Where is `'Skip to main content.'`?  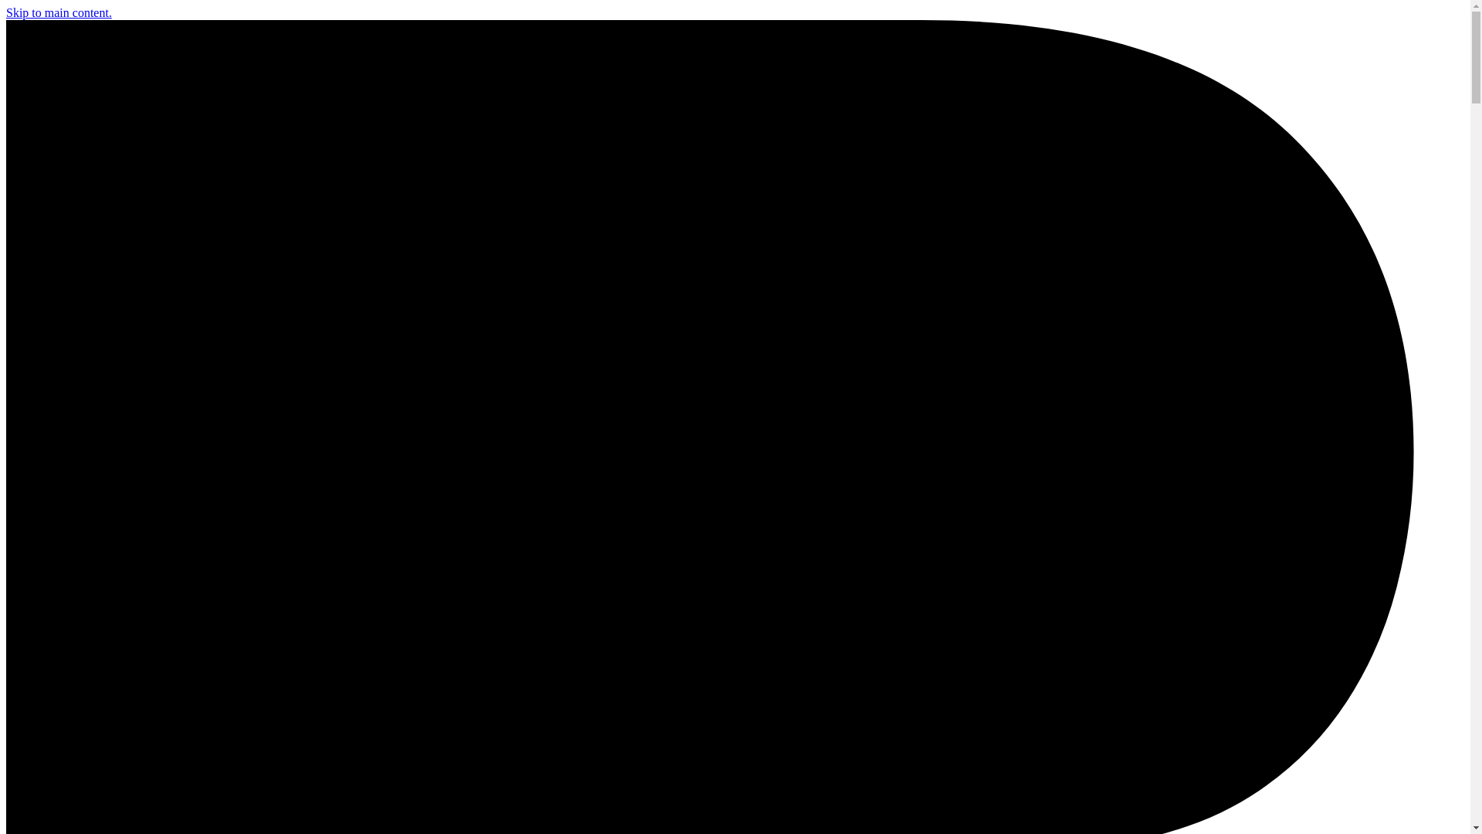
'Skip to main content.' is located at coordinates (59, 12).